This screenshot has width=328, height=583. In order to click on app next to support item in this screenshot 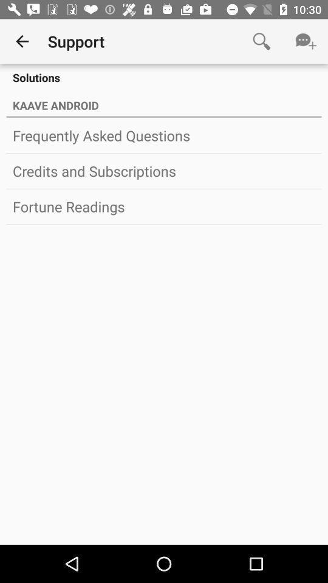, I will do `click(261, 41)`.